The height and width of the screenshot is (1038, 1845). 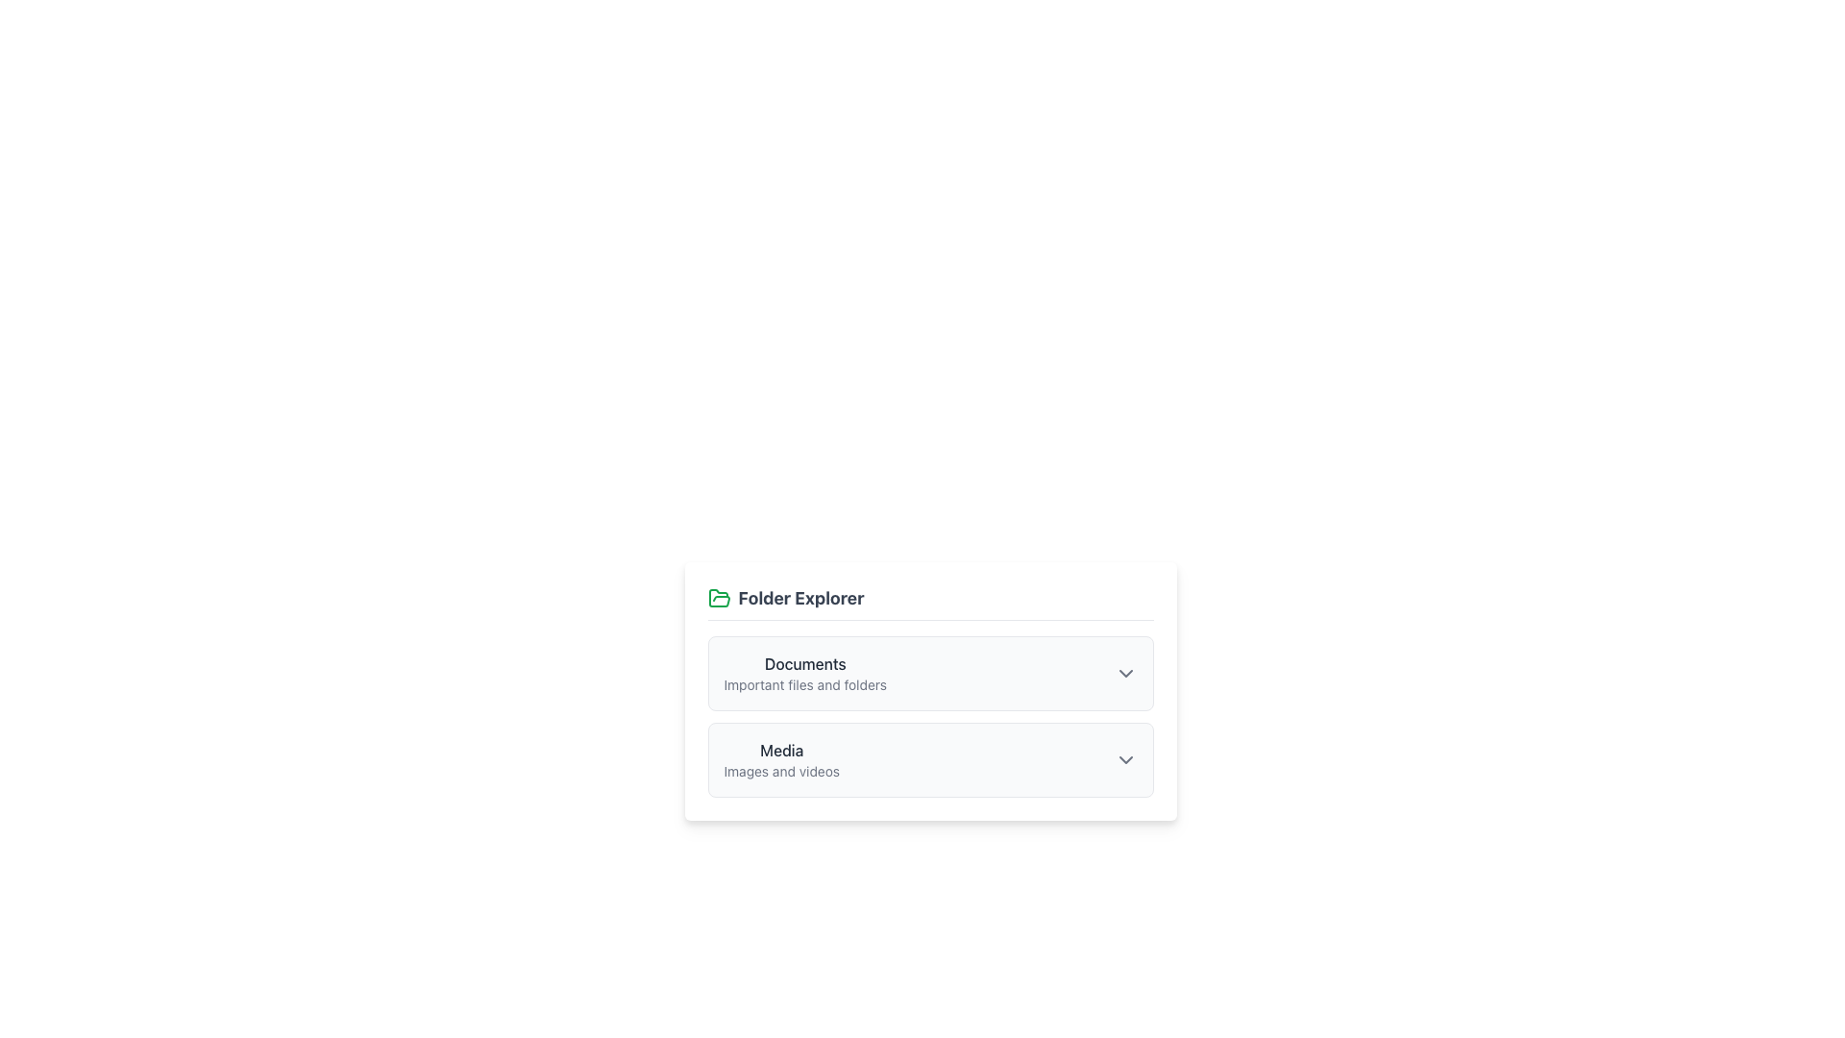 I want to click on the downward chevron icon indicating the dropdown toggle in the 'Documents' section header, so click(x=1125, y=673).